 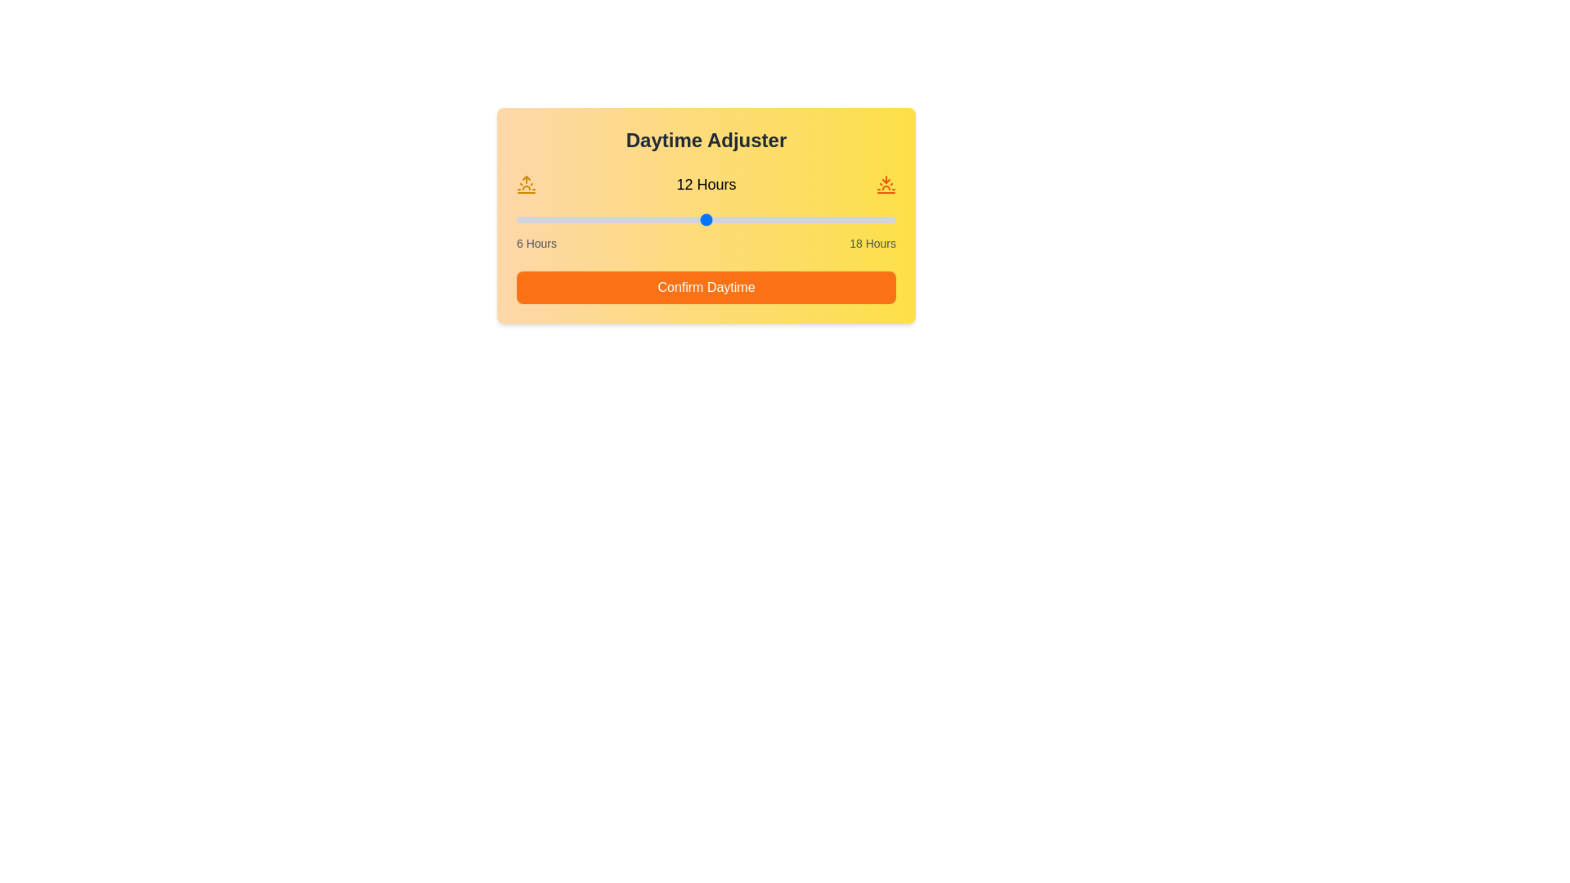 What do you see at coordinates (801, 219) in the screenshot?
I see `the slider to set the daytime hours to 15` at bounding box center [801, 219].